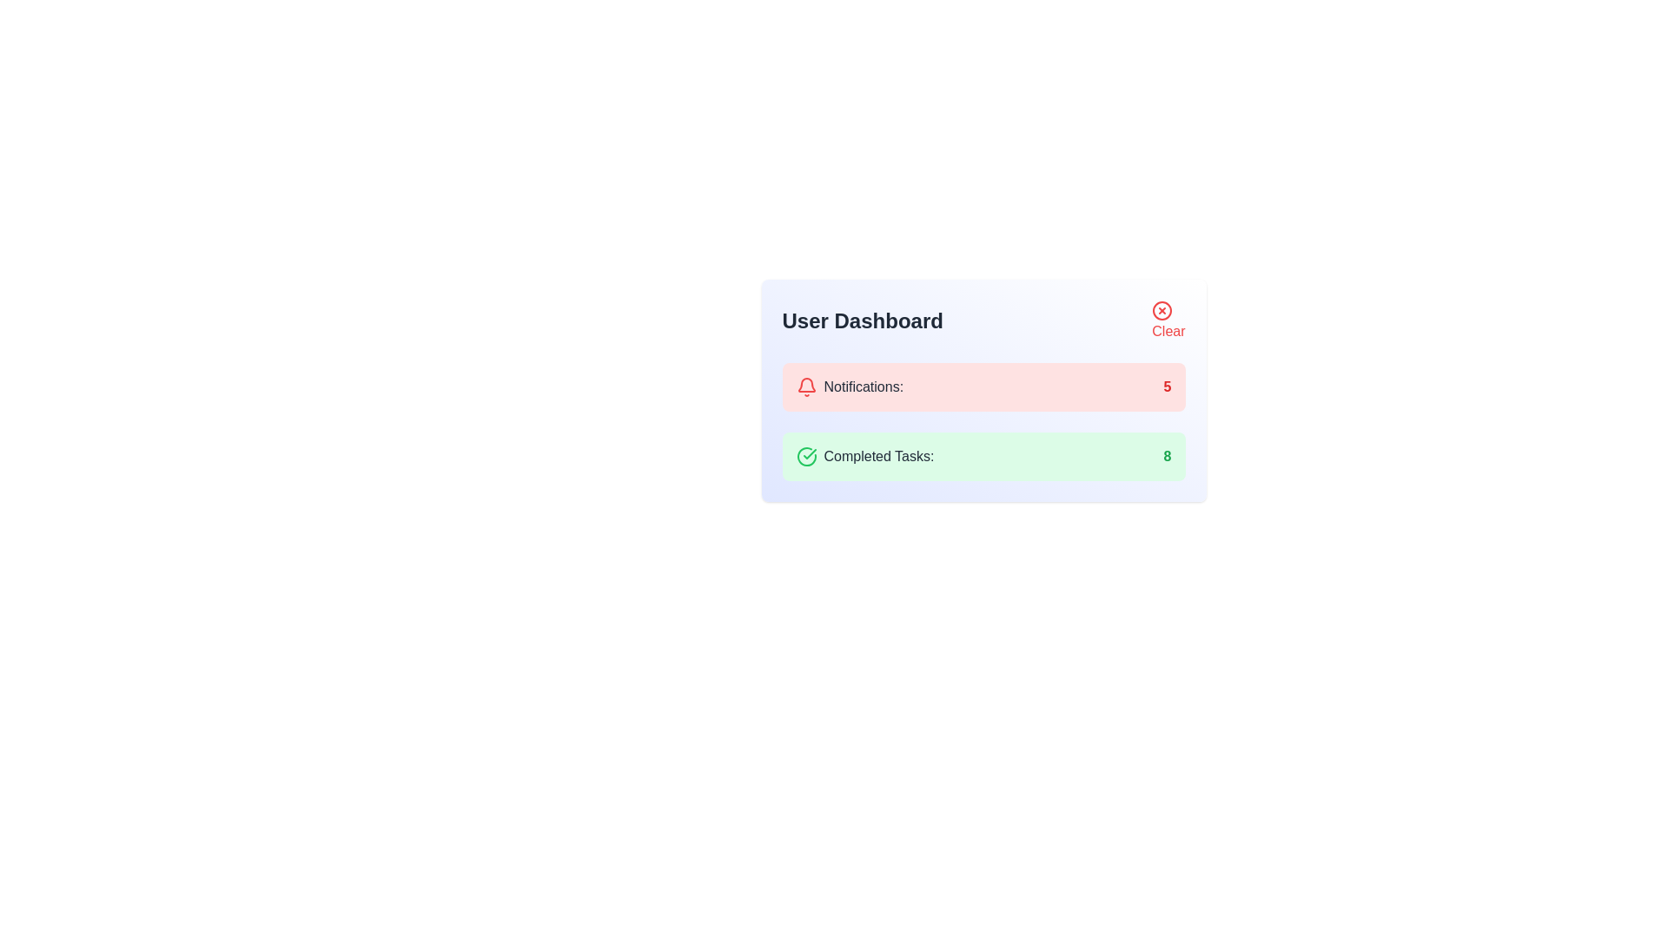  I want to click on the red bell icon representing notifications located in the notification section of the dashboard, positioned to the left of the text 'Notifications:', so click(805, 386).